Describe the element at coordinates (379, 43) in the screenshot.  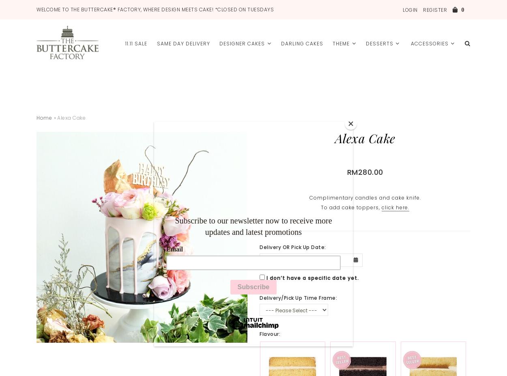
I see `'Desserts'` at that location.